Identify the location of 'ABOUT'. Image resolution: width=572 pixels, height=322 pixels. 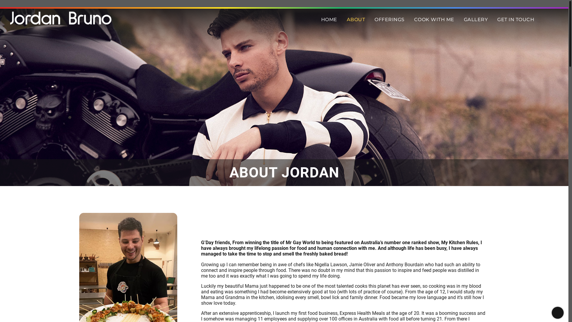
(356, 19).